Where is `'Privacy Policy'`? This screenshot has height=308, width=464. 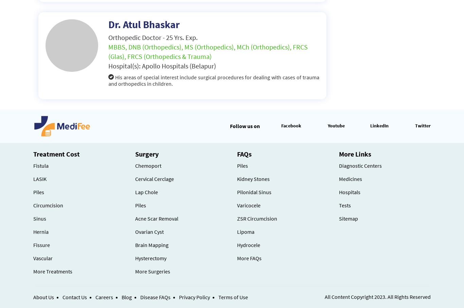 'Privacy Policy' is located at coordinates (194, 297).